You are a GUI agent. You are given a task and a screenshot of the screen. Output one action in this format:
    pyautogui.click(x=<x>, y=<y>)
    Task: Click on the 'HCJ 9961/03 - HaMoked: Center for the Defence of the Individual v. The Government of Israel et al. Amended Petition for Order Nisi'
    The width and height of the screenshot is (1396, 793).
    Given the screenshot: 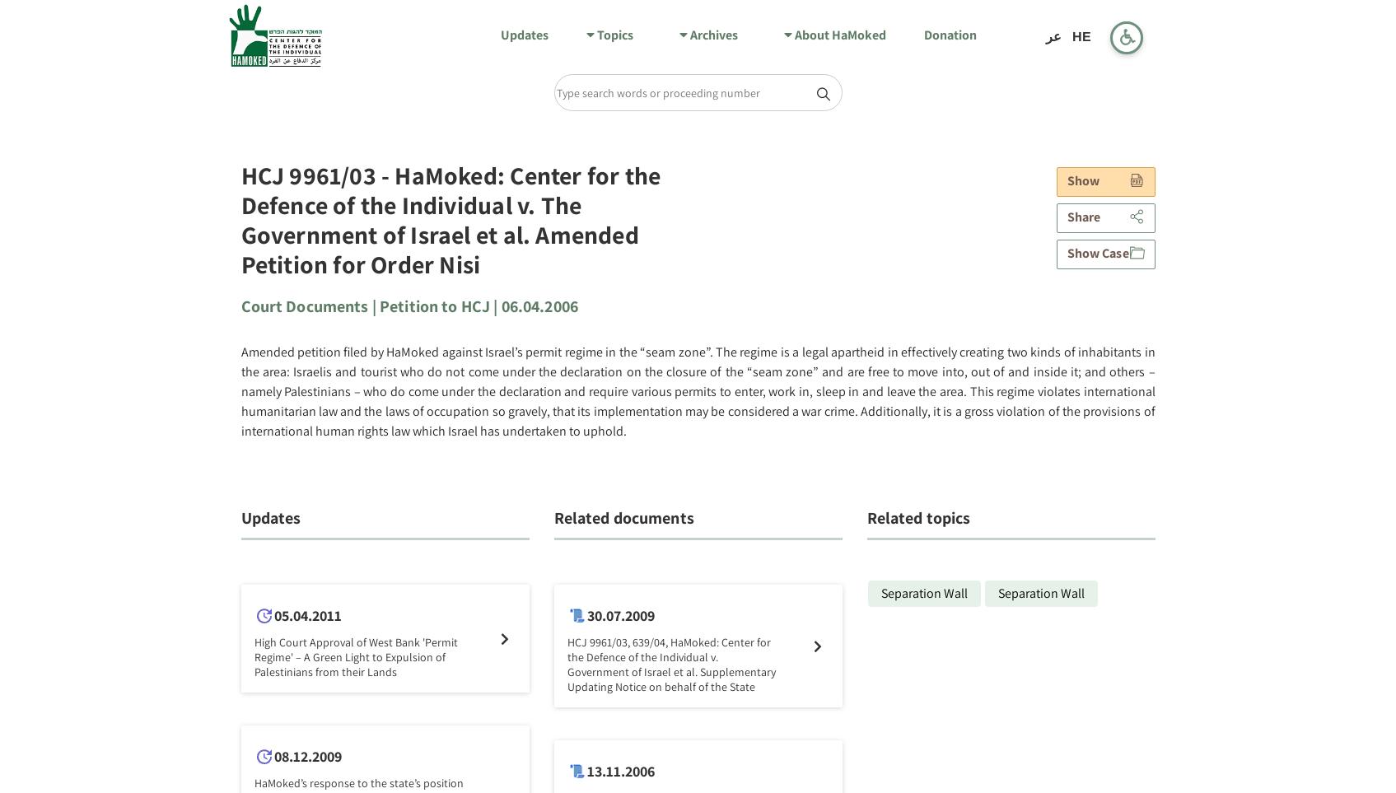 What is the action you would take?
    pyautogui.click(x=450, y=219)
    